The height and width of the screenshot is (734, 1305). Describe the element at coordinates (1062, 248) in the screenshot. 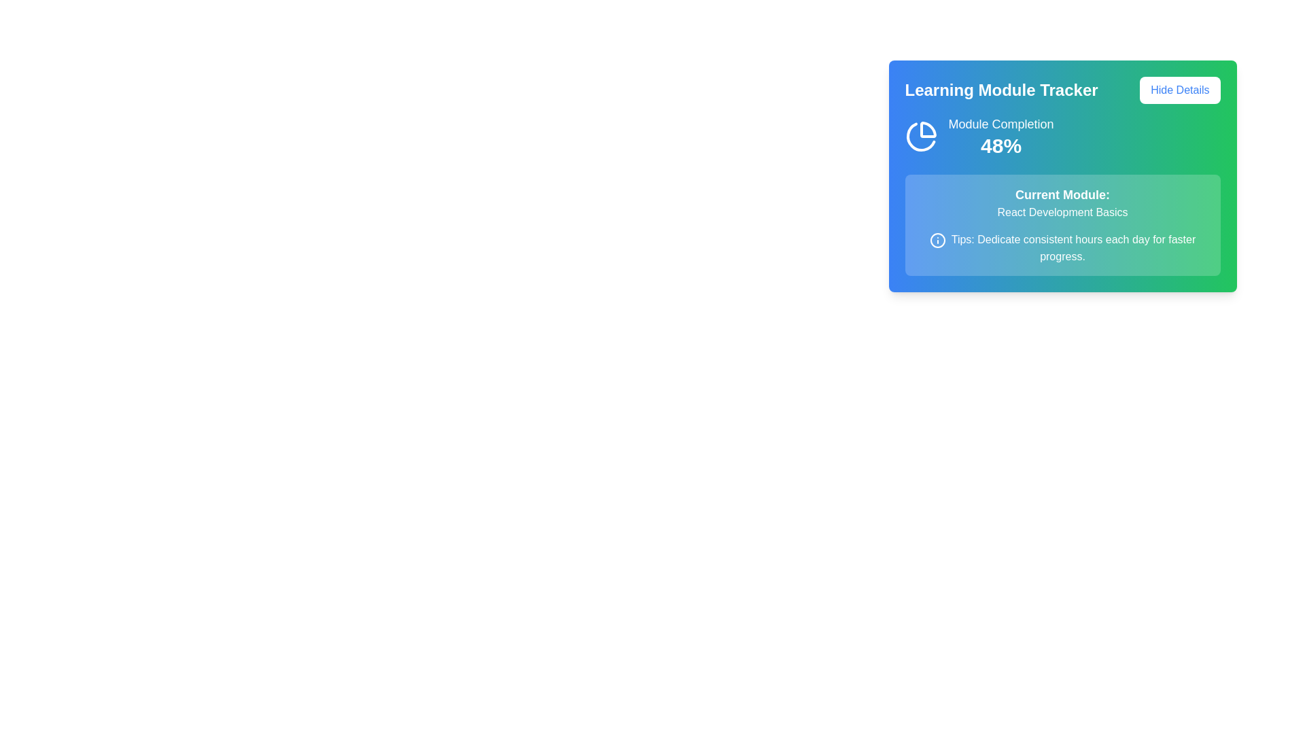

I see `static informational text displaying the tip message 'Tips: Dedicate consistent hours each day for faster progress.' which is preceded by a circular information icon, located centrally below the 'React Development Basics' text` at that location.